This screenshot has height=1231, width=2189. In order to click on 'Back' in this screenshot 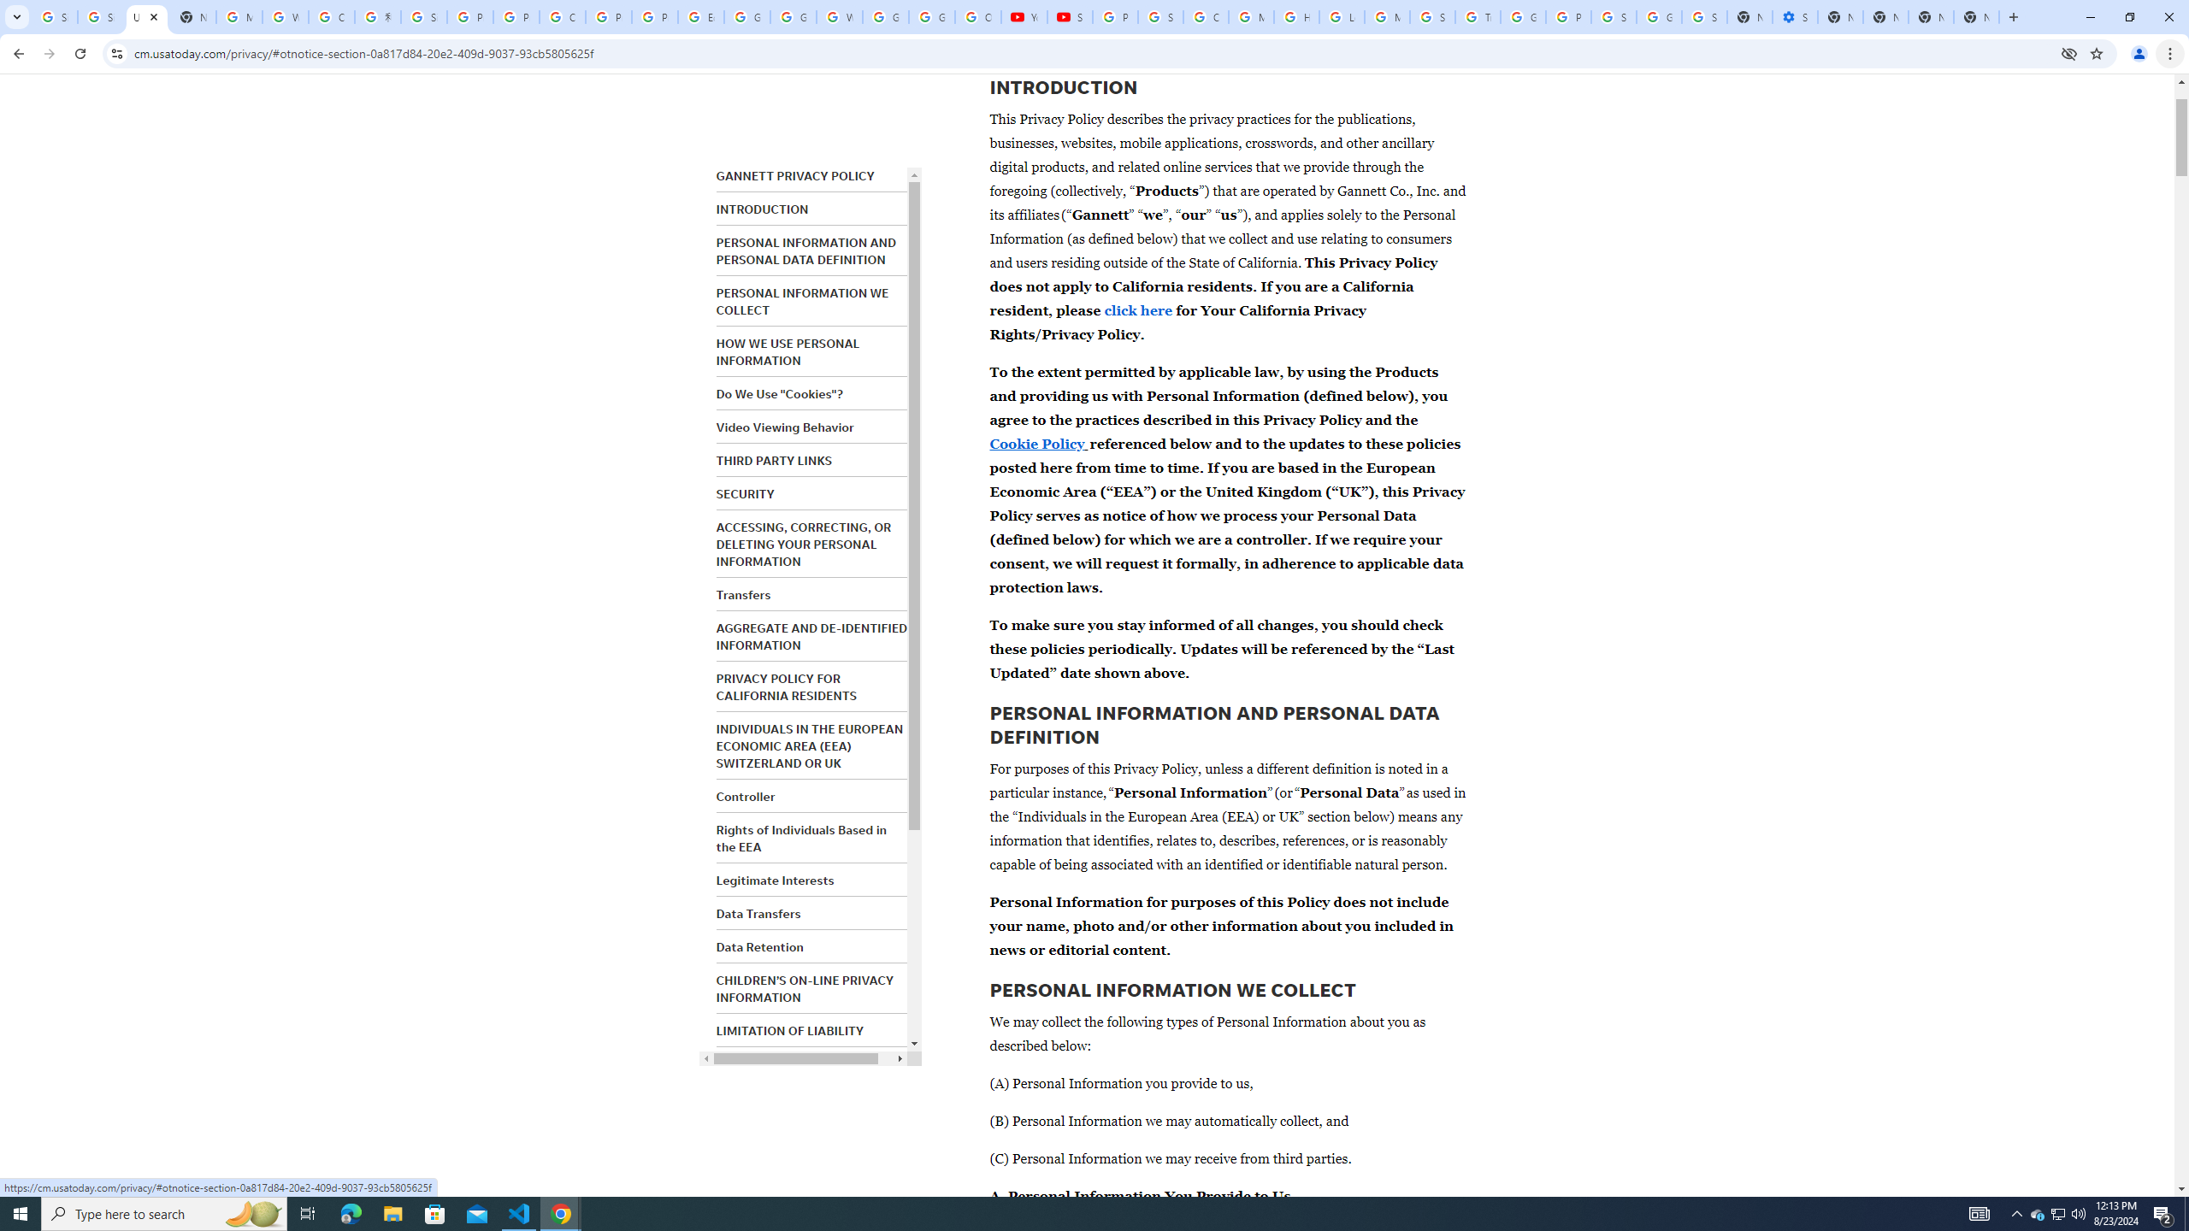, I will do `click(16, 53)`.